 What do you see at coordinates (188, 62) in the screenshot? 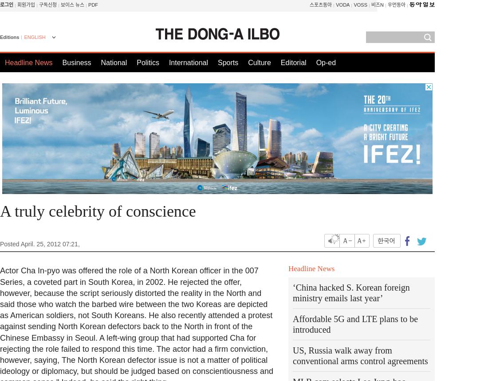
I see `'International'` at bounding box center [188, 62].